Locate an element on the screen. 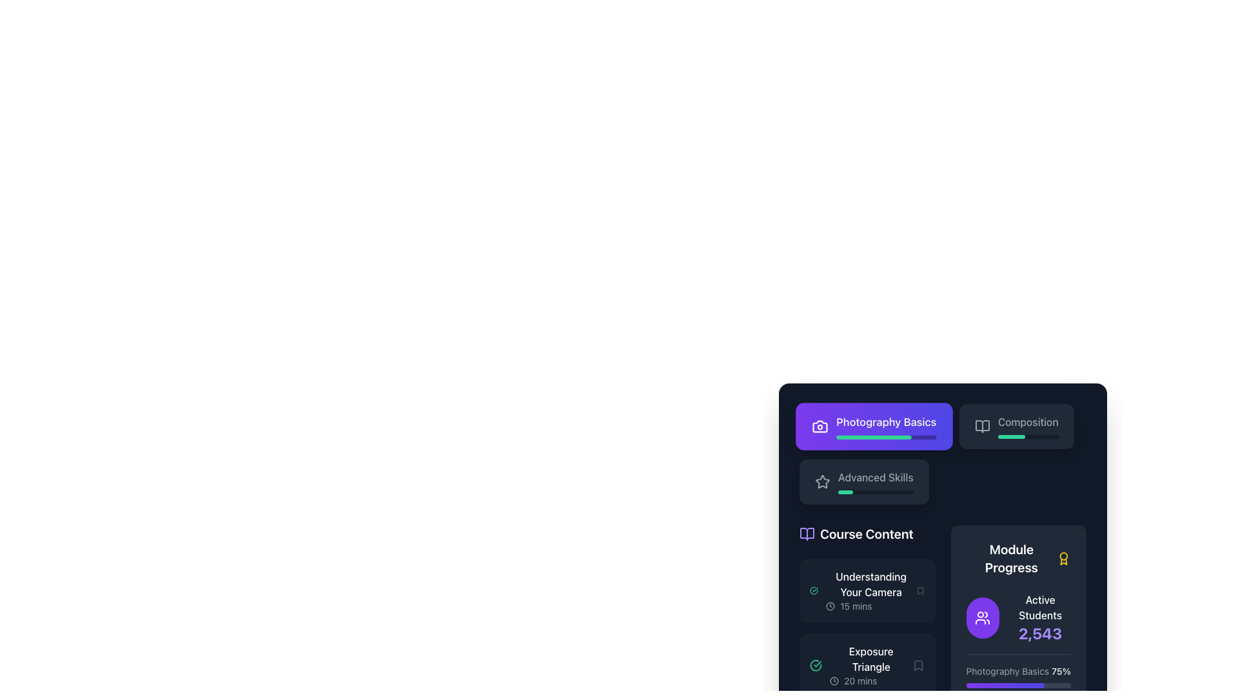  the bookmark icon located at the right end of the 'Exposure Triangle' list item is located at coordinates (918, 666).